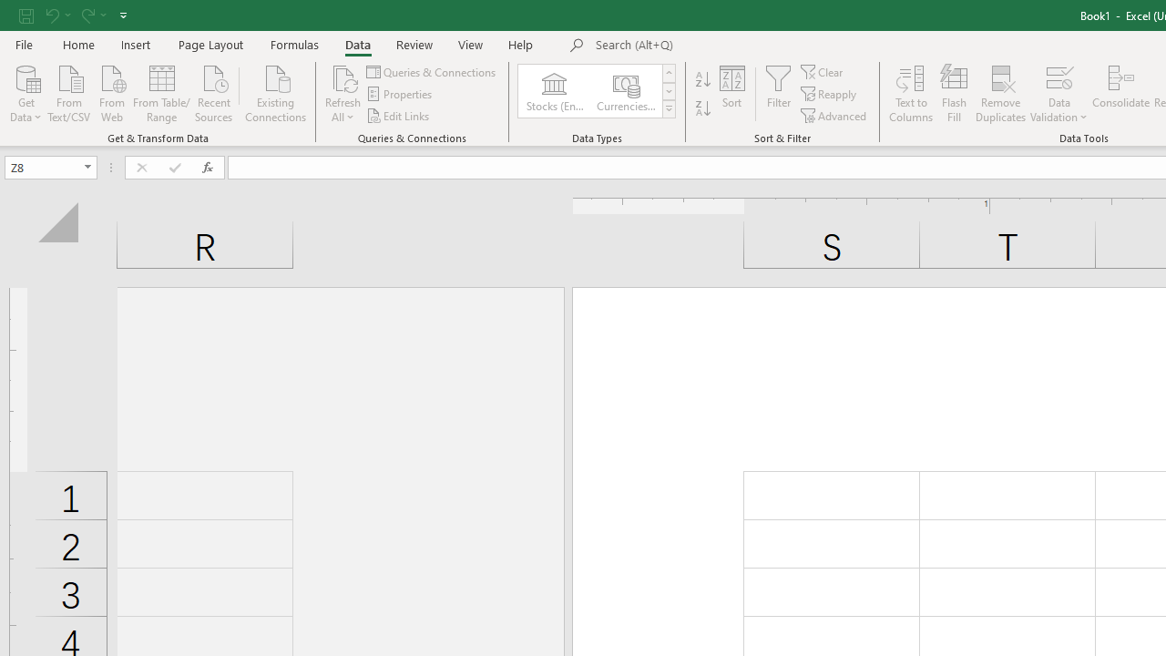 This screenshot has width=1166, height=656. I want to click on 'Data Validation...', so click(1059, 77).